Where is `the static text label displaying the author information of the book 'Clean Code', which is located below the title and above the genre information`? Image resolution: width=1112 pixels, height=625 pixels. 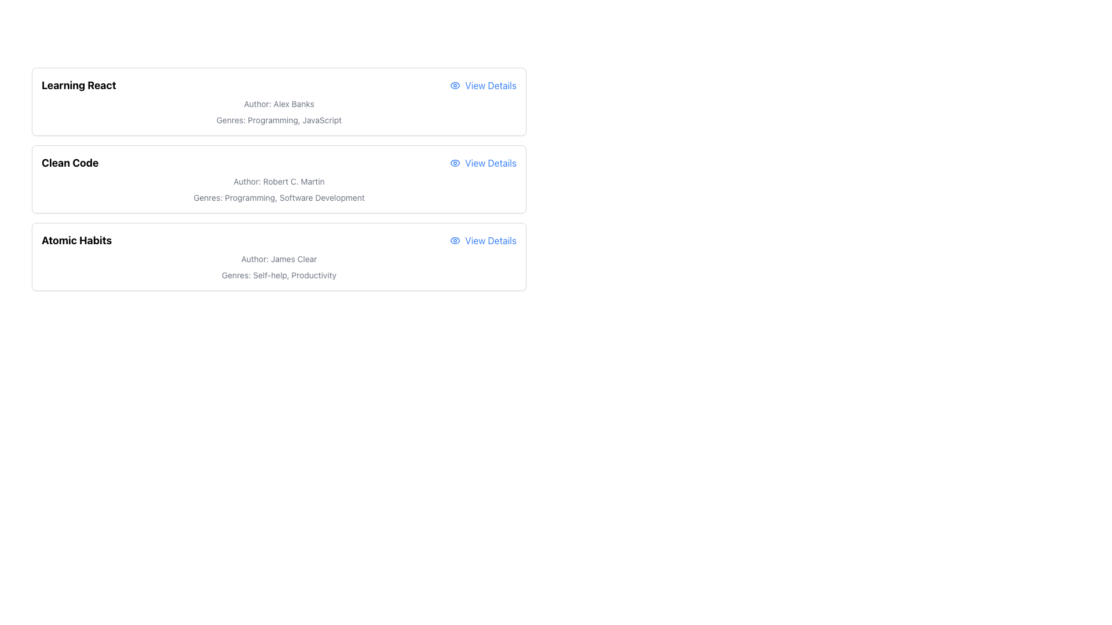
the static text label displaying the author information of the book 'Clean Code', which is located below the title and above the genre information is located at coordinates (279, 181).